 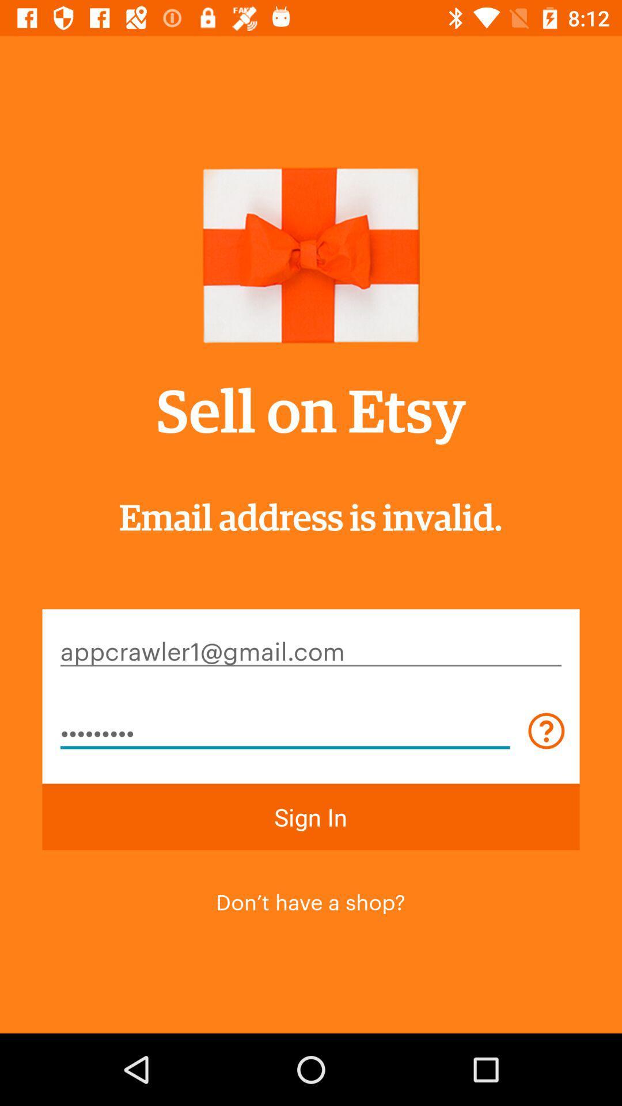 What do you see at coordinates (285, 730) in the screenshot?
I see `item below the appcrawler1@gmail.com icon` at bounding box center [285, 730].